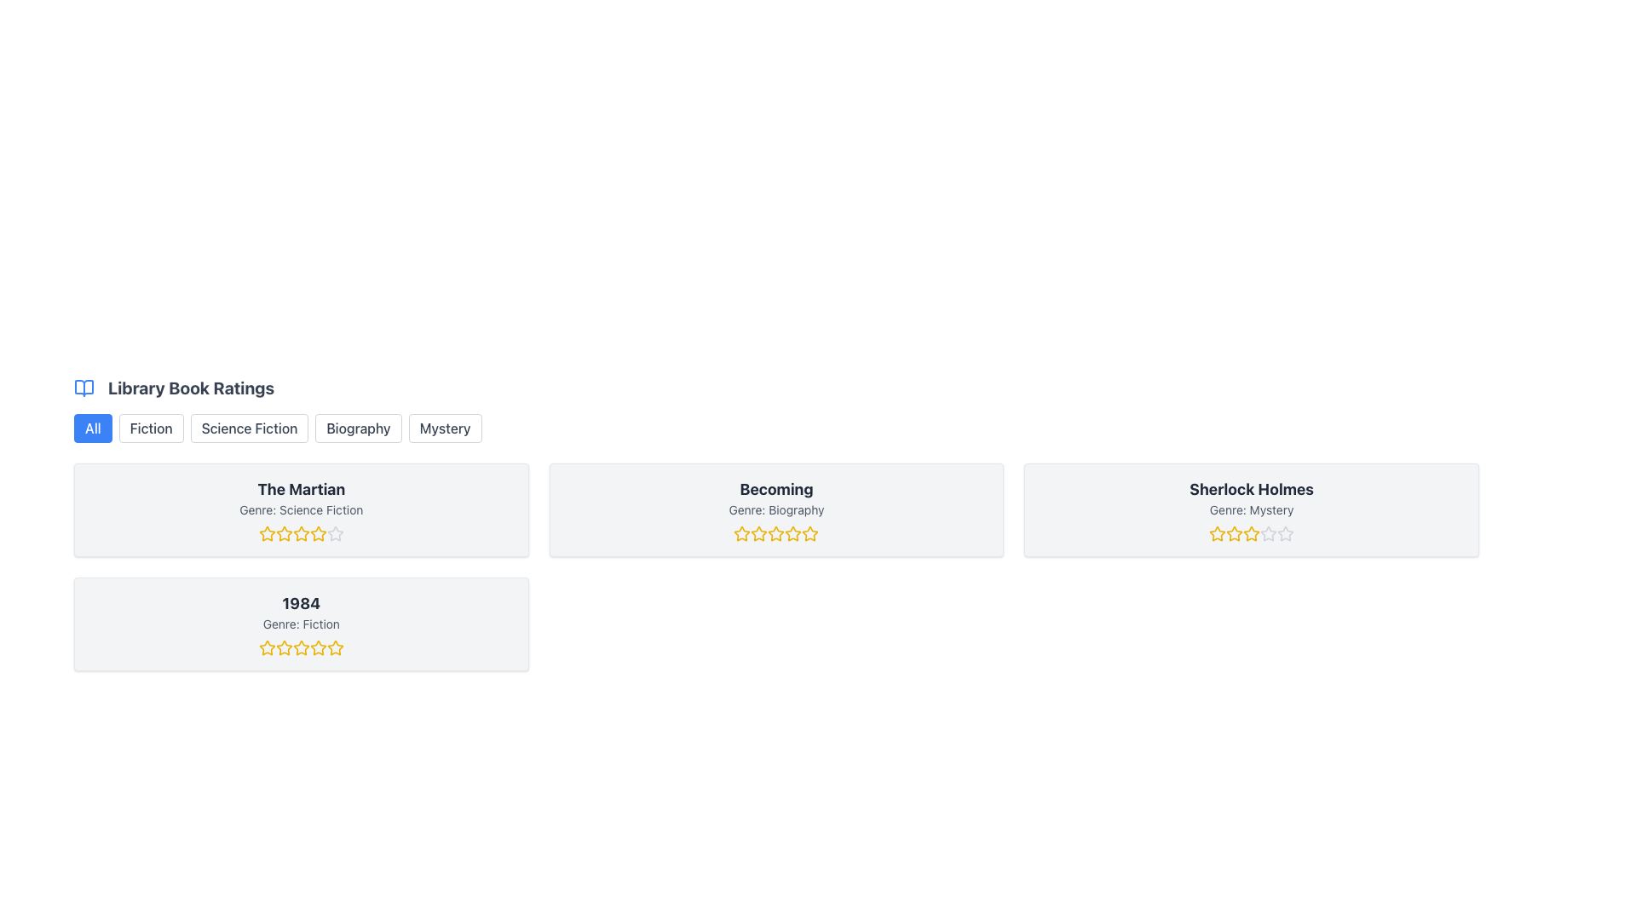 The height and width of the screenshot is (920, 1636). I want to click on the first star rating icon in the 'Sherlock Holmes' book card, so click(1217, 532).